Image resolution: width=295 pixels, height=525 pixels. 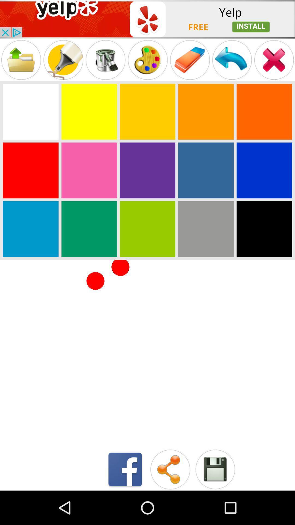 What do you see at coordinates (264, 111) in the screenshot?
I see `colours` at bounding box center [264, 111].